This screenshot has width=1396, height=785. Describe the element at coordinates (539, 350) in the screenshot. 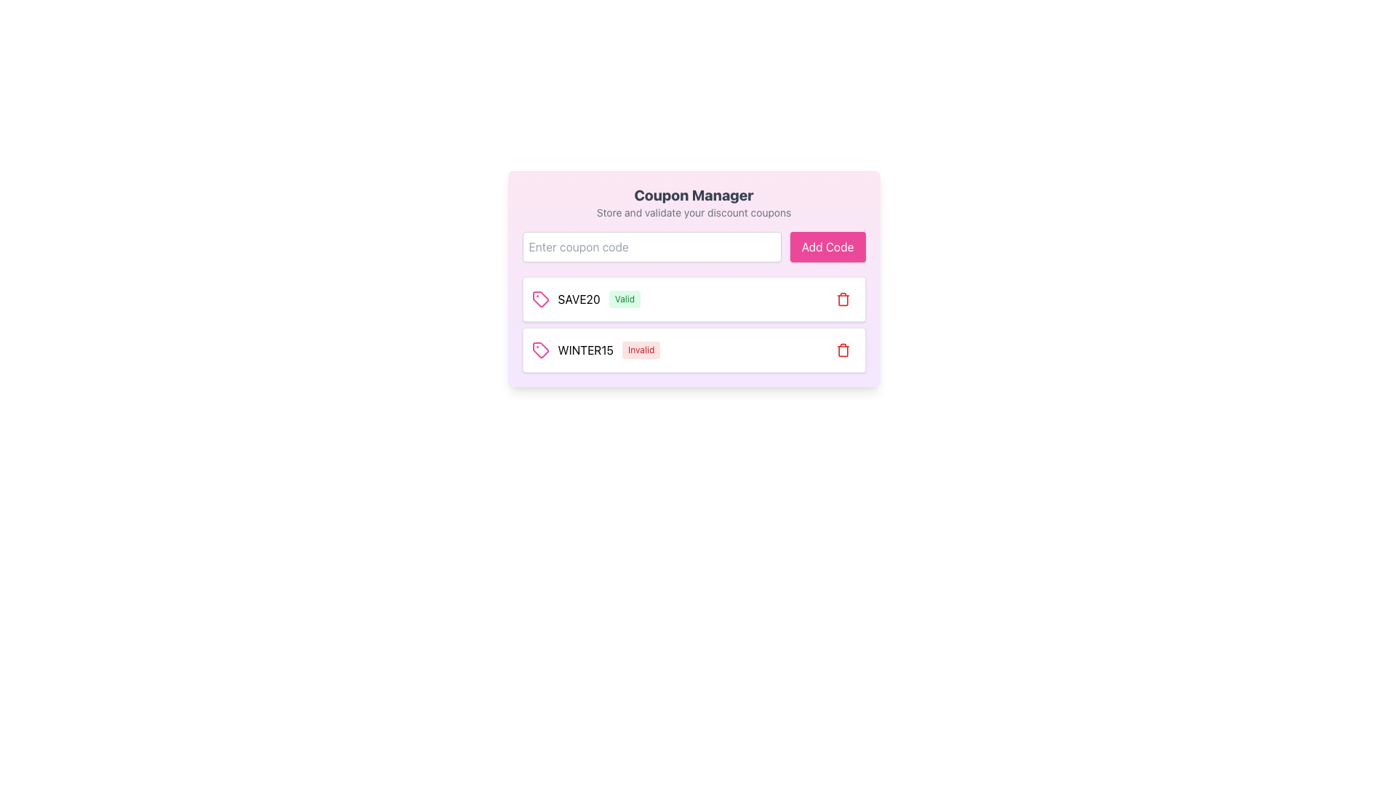

I see `the tag-shaped icon with a bold pink color located in the second row of the coupon list, to the far left of the row titled 'WINTER15'` at that location.